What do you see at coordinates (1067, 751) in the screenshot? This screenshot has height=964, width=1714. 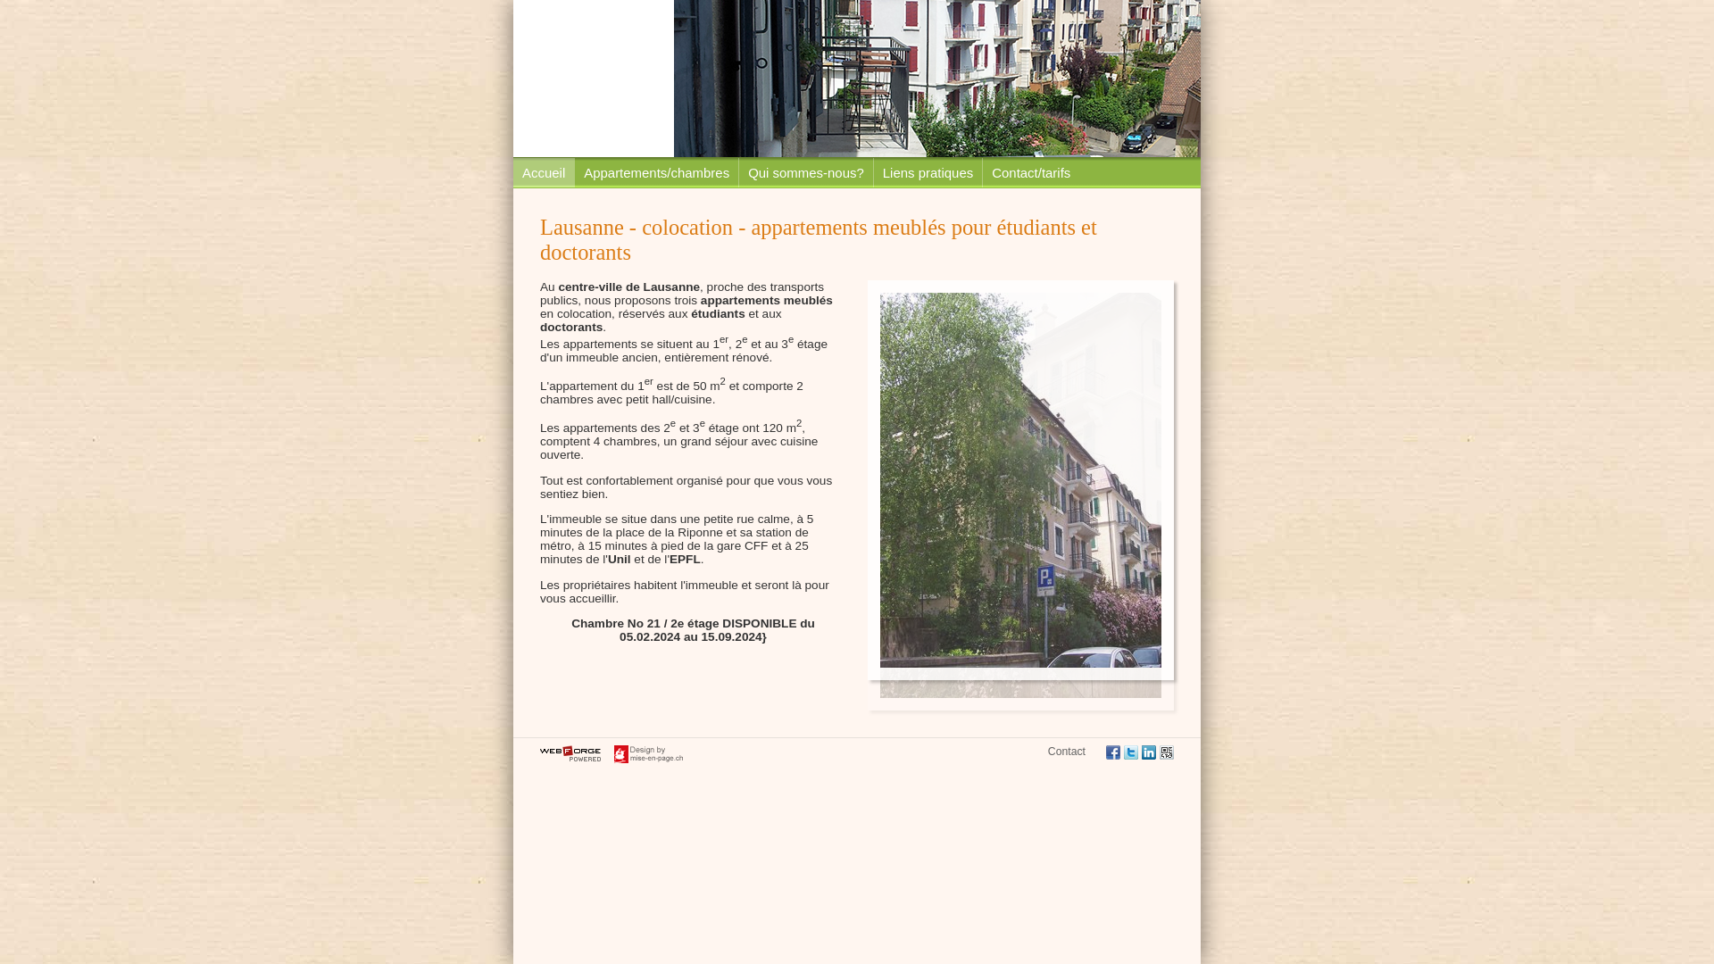 I see `'Contact'` at bounding box center [1067, 751].